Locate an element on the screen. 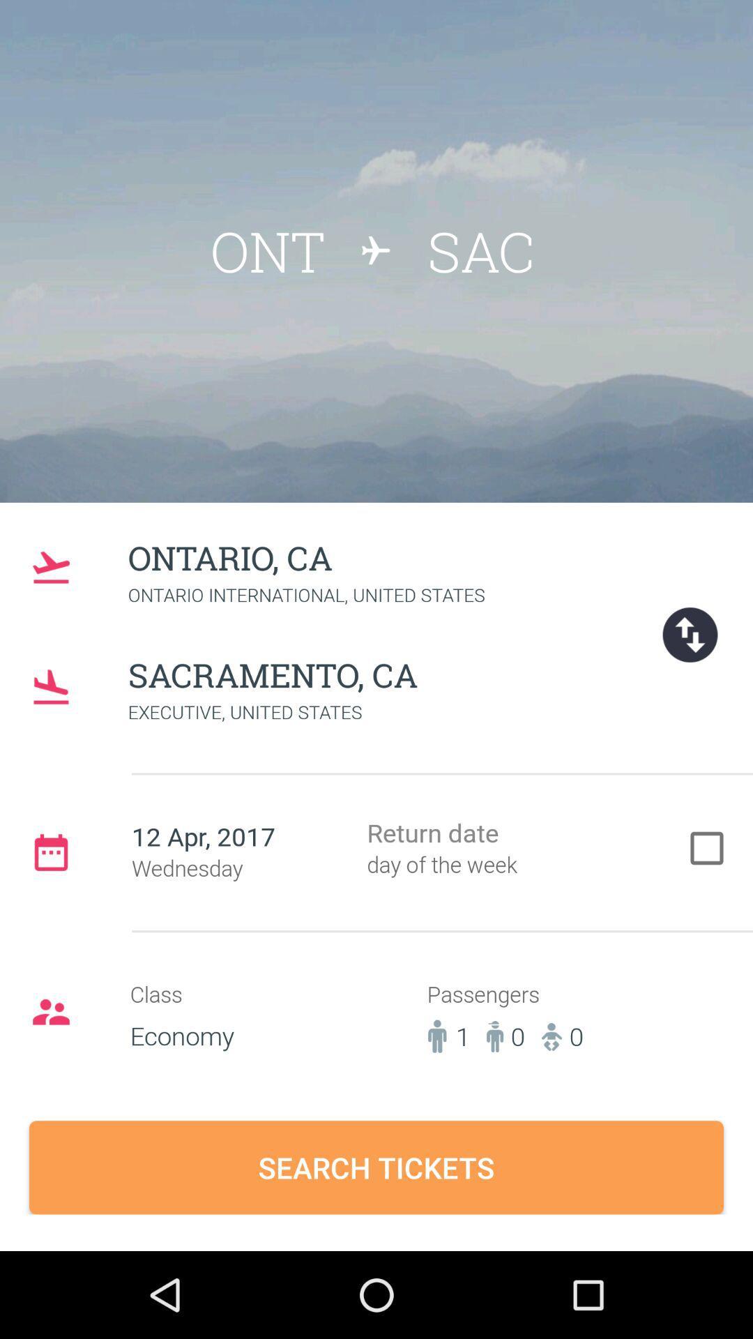 The height and width of the screenshot is (1339, 753). the search tickets button is located at coordinates (376, 1167).